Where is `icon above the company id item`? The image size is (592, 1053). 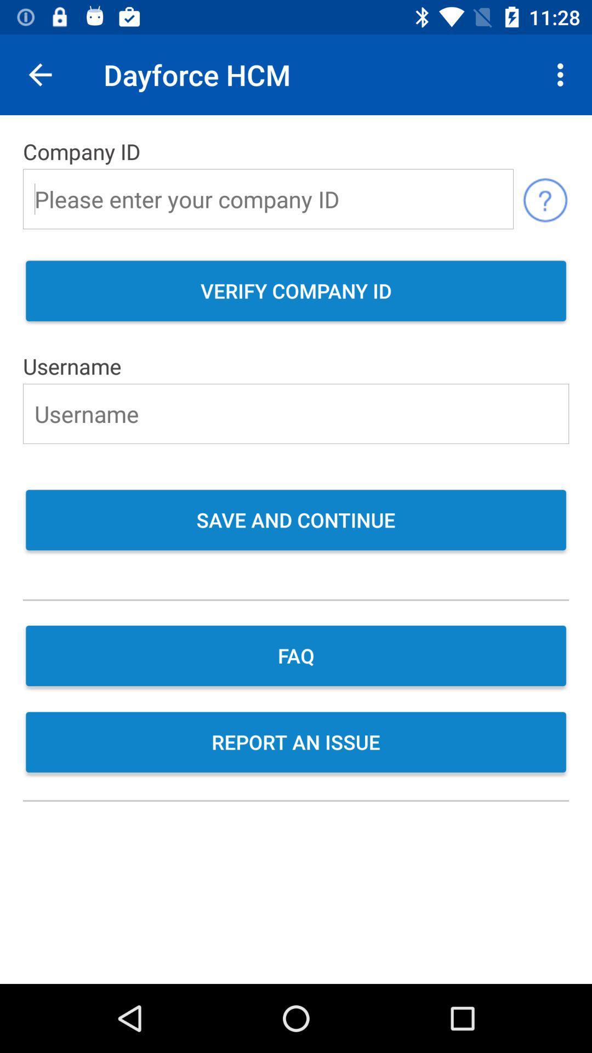
icon above the company id item is located at coordinates (39, 74).